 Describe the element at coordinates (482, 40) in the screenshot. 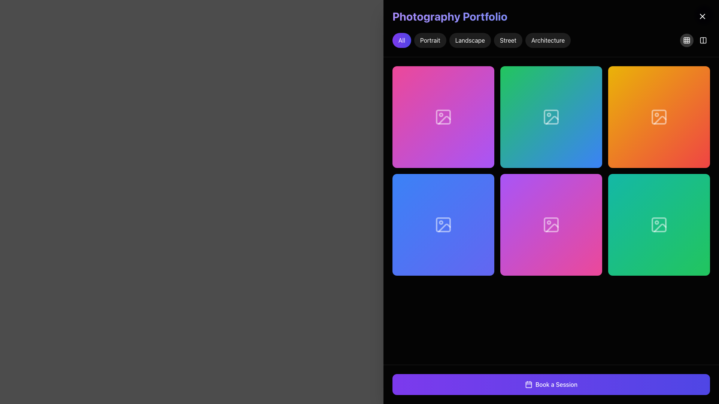

I see `the 'Landscape' button, which is a rectangular button with a dark background and white text, located below the title 'Photography Portfolio'` at that location.